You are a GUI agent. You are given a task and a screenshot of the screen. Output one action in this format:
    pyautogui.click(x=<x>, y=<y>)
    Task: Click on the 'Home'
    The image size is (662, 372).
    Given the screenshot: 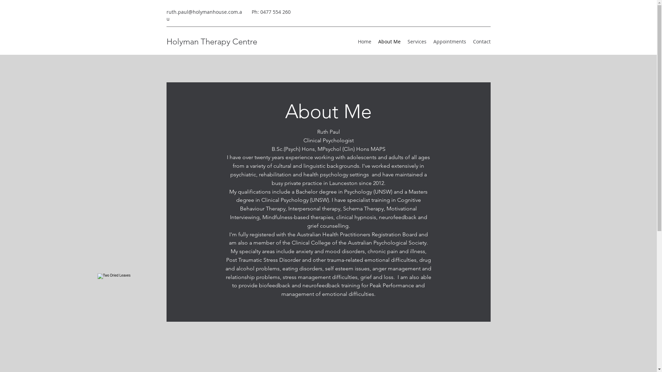 What is the action you would take?
    pyautogui.click(x=364, y=41)
    